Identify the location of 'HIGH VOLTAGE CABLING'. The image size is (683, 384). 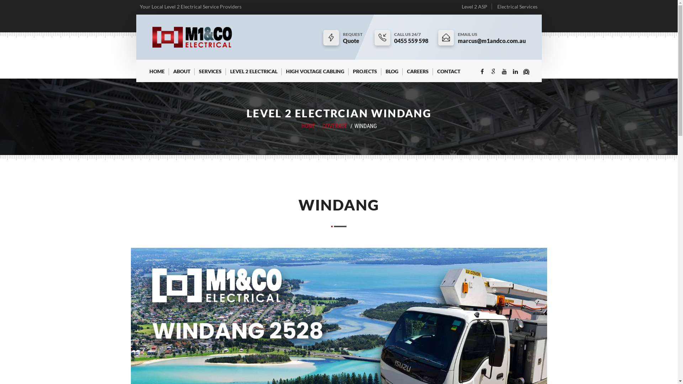
(315, 74).